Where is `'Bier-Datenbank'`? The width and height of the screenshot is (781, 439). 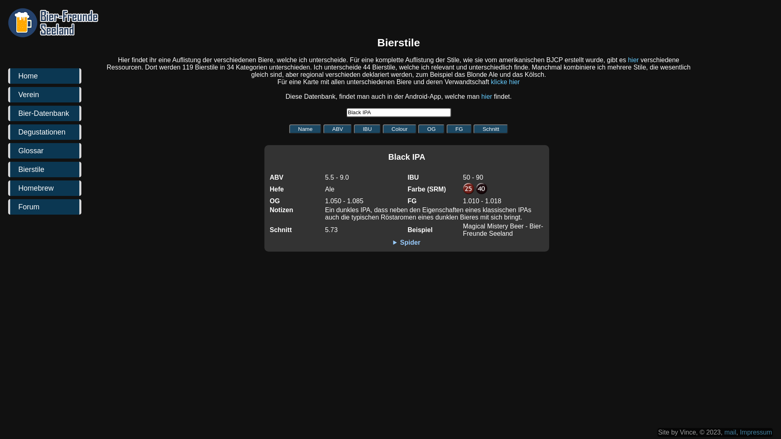 'Bier-Datenbank' is located at coordinates (44, 113).